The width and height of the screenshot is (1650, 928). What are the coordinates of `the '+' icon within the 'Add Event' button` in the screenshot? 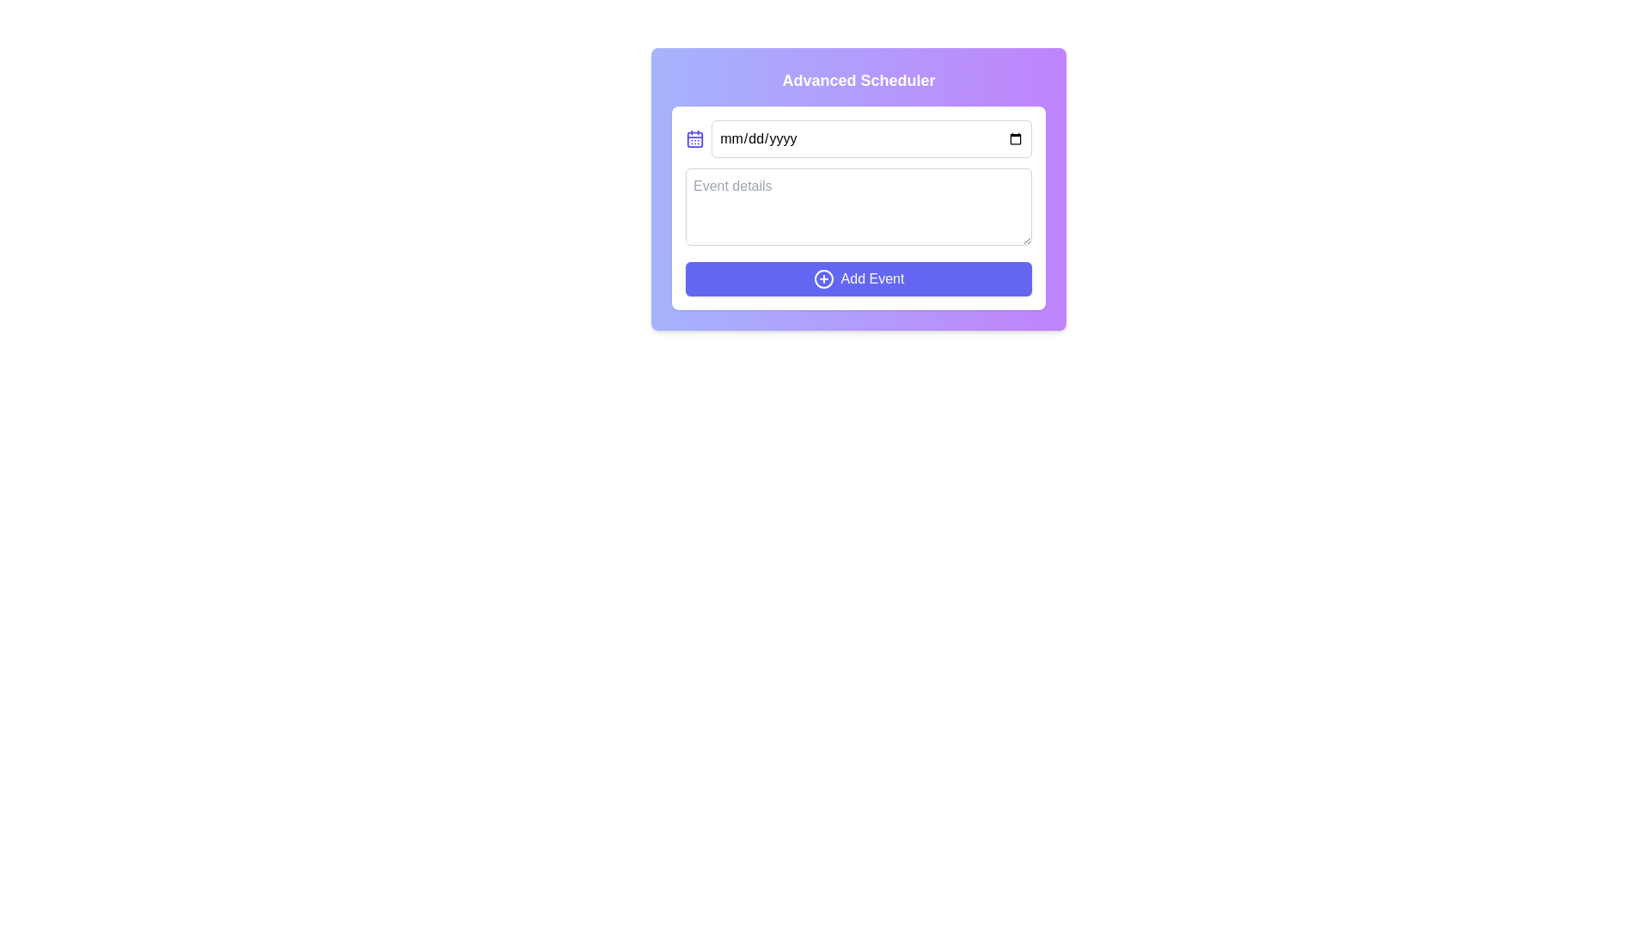 It's located at (822, 278).